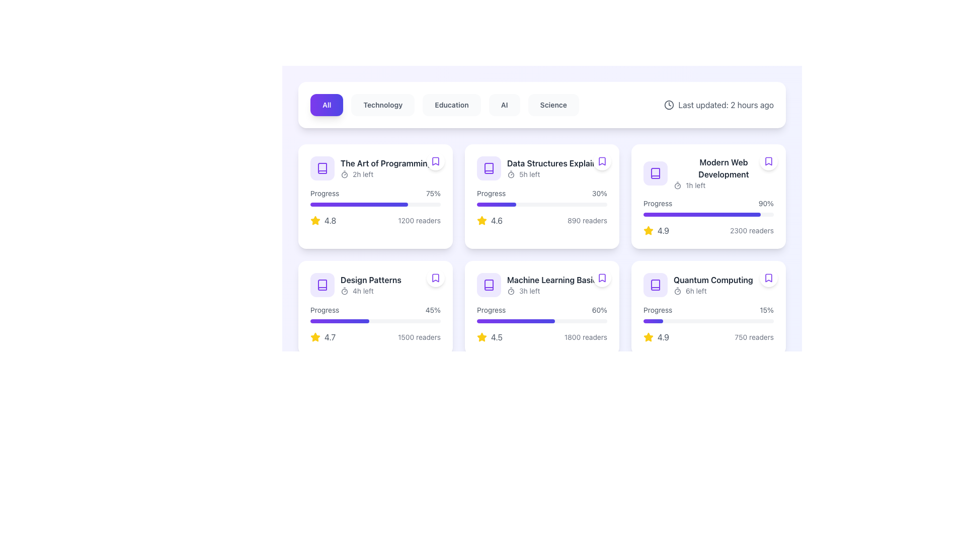  I want to click on the leftmost segment of the progress bar indicating 15% completion under the 'Quantum Computing' card in the bottom-right corner of the grid layout, so click(653, 321).